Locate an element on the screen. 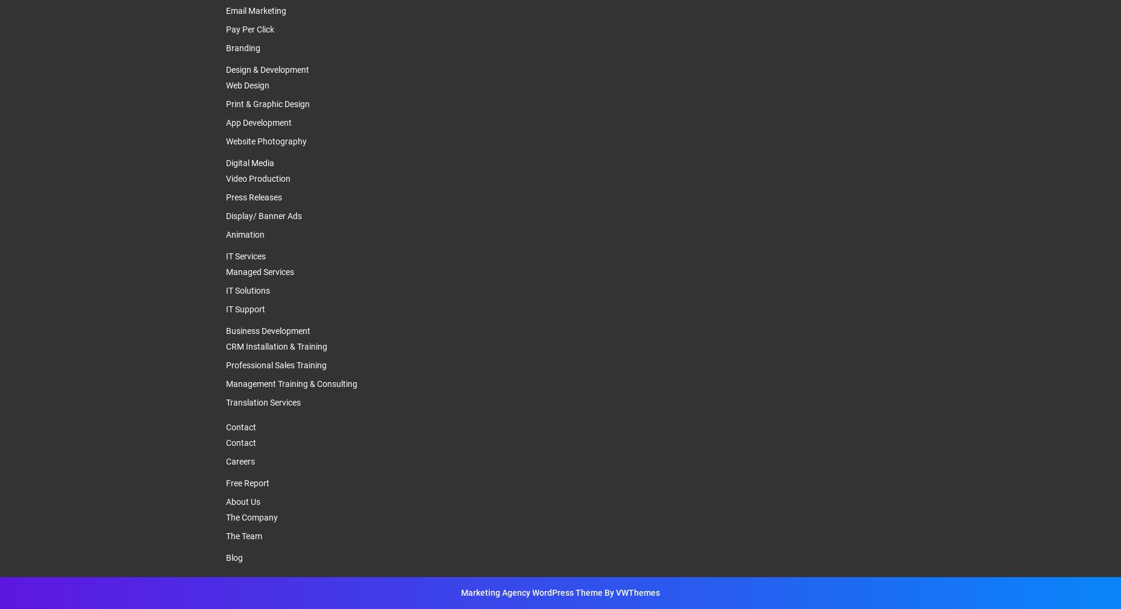 Image resolution: width=1121 pixels, height=609 pixels. 'IT Solutions' is located at coordinates (248, 291).